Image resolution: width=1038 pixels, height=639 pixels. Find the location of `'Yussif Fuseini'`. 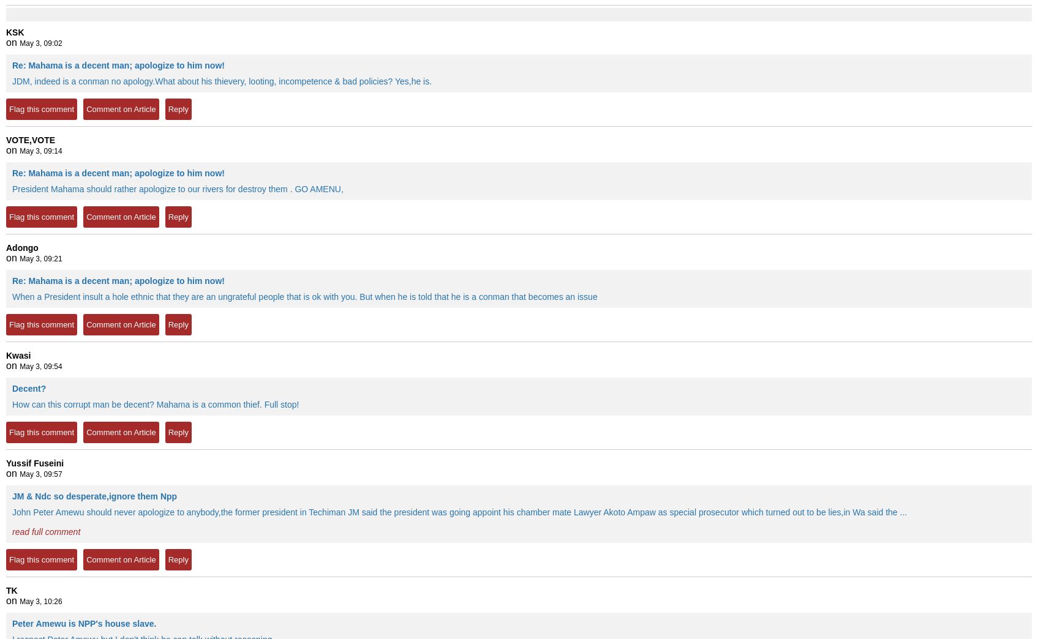

'Yussif Fuseini' is located at coordinates (34, 463).